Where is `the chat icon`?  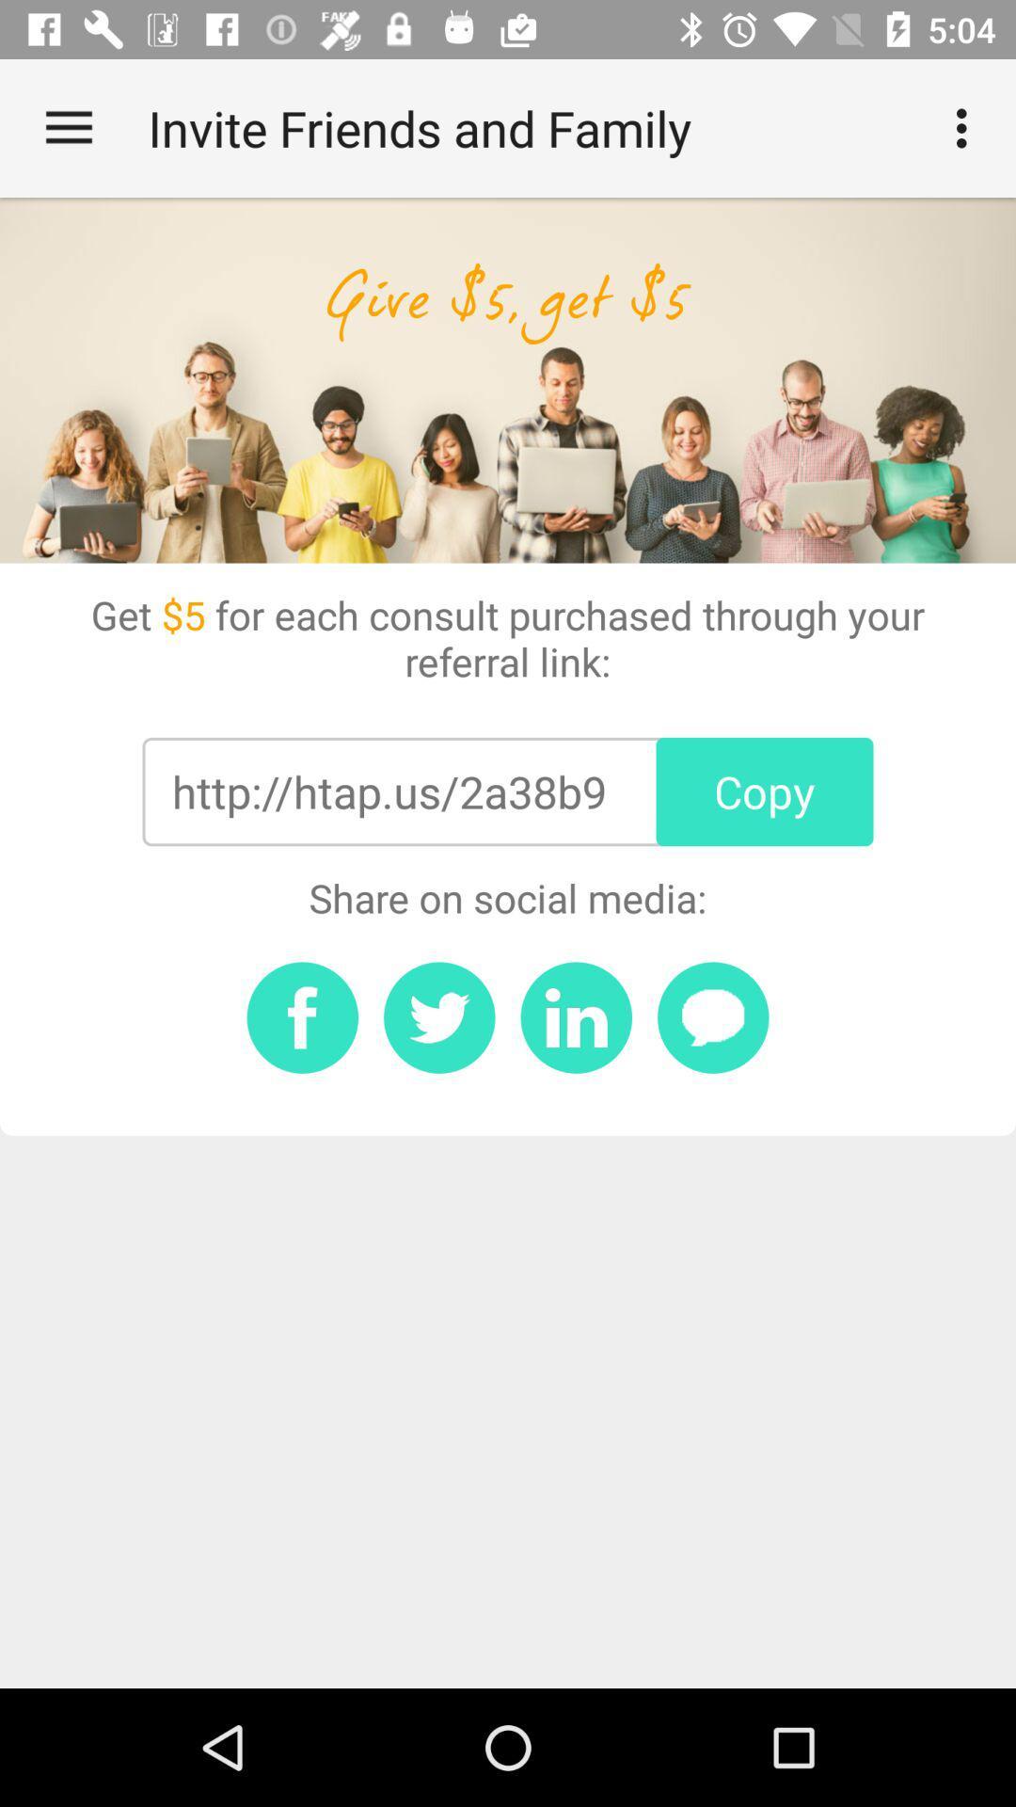
the chat icon is located at coordinates (713, 1016).